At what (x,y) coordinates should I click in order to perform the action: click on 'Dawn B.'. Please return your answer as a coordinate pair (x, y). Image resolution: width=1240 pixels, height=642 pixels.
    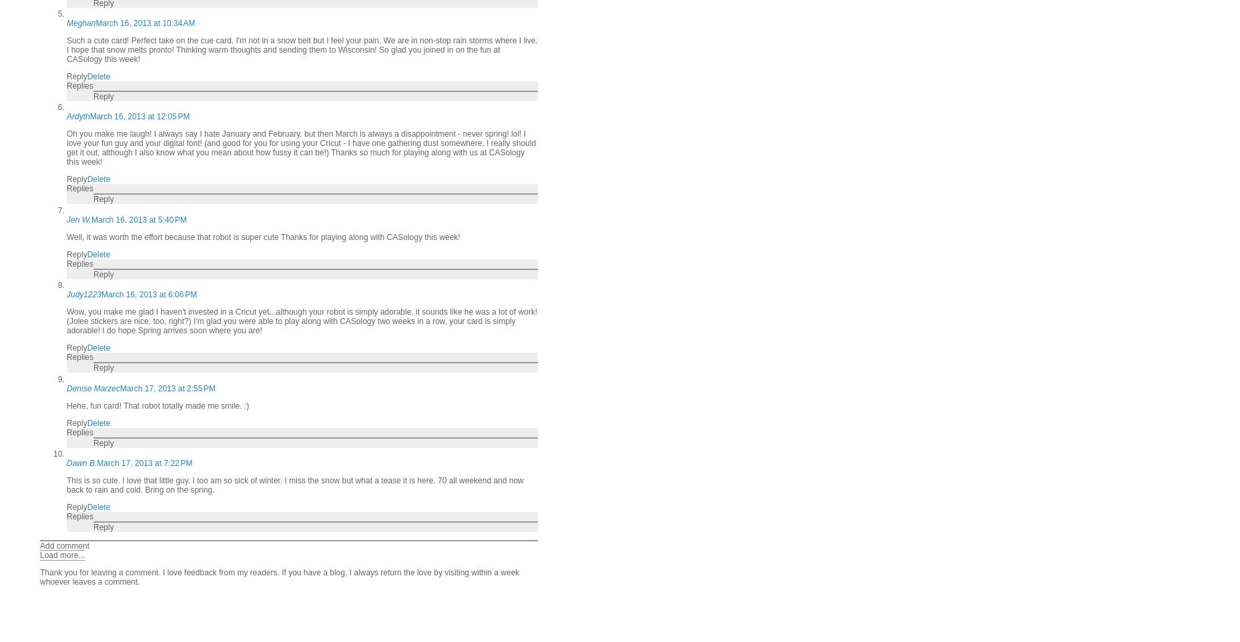
    Looking at the image, I should click on (66, 463).